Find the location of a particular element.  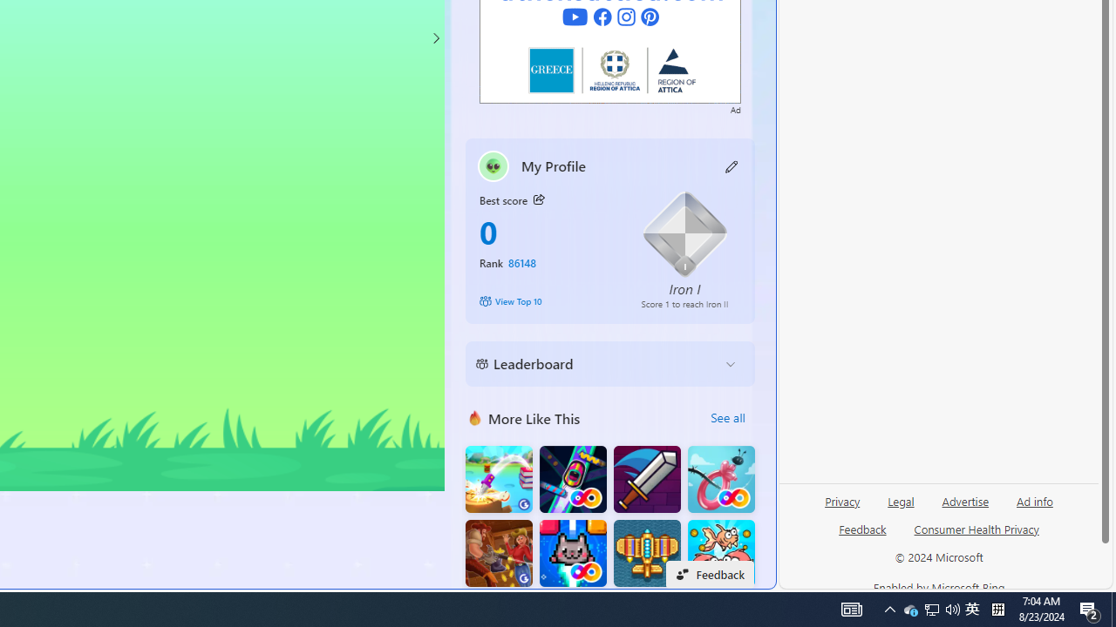

'See all' is located at coordinates (728, 417).